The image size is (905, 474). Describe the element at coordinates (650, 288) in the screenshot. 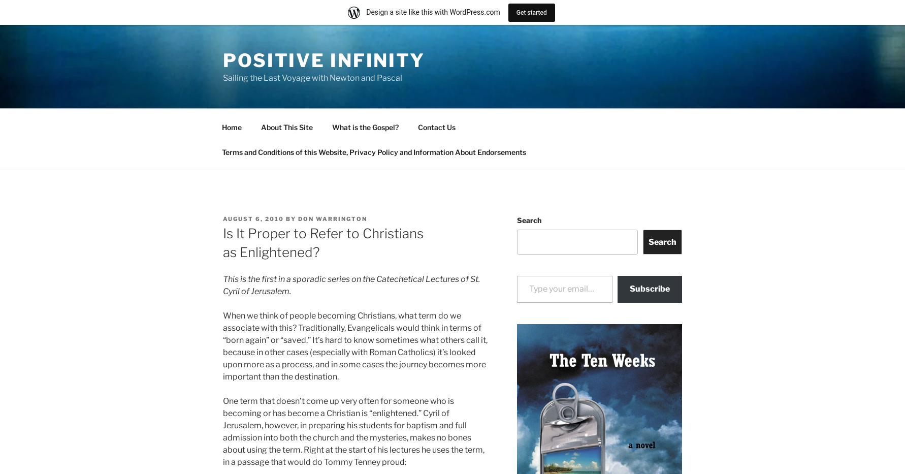

I see `'Subscribe'` at that location.